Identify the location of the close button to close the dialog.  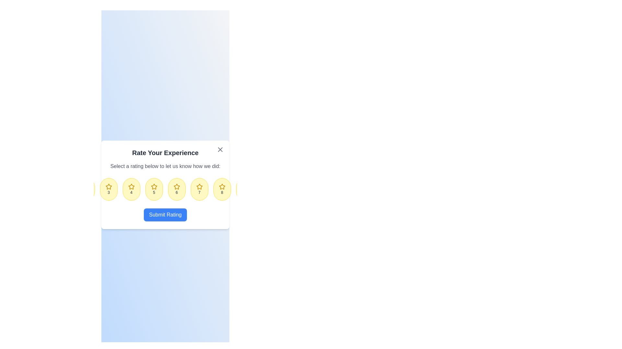
(220, 149).